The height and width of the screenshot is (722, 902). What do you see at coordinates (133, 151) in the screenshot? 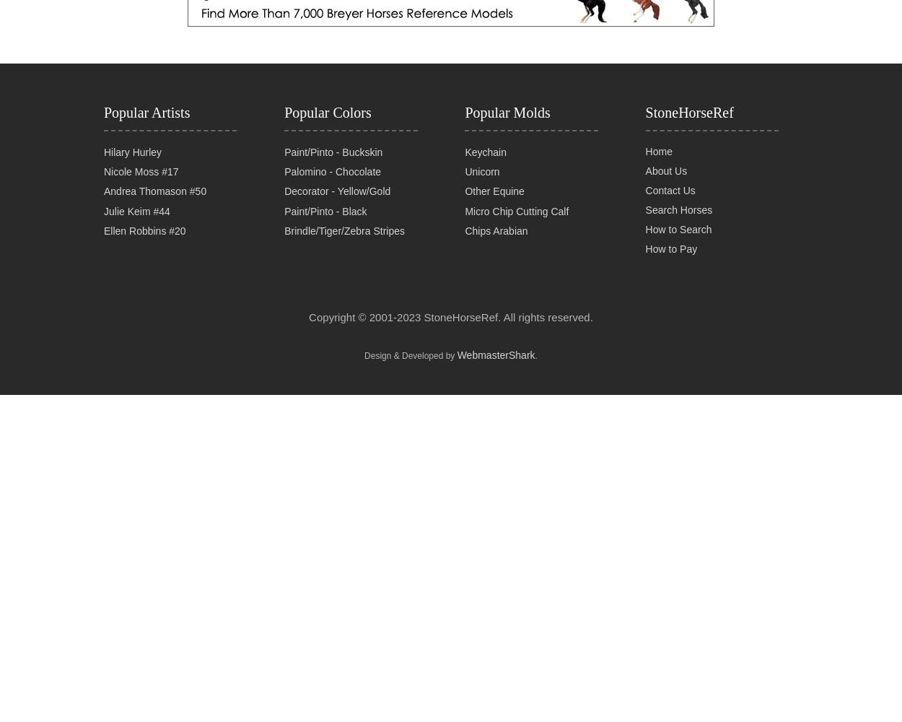
I see `'Hilary Hurley'` at bounding box center [133, 151].